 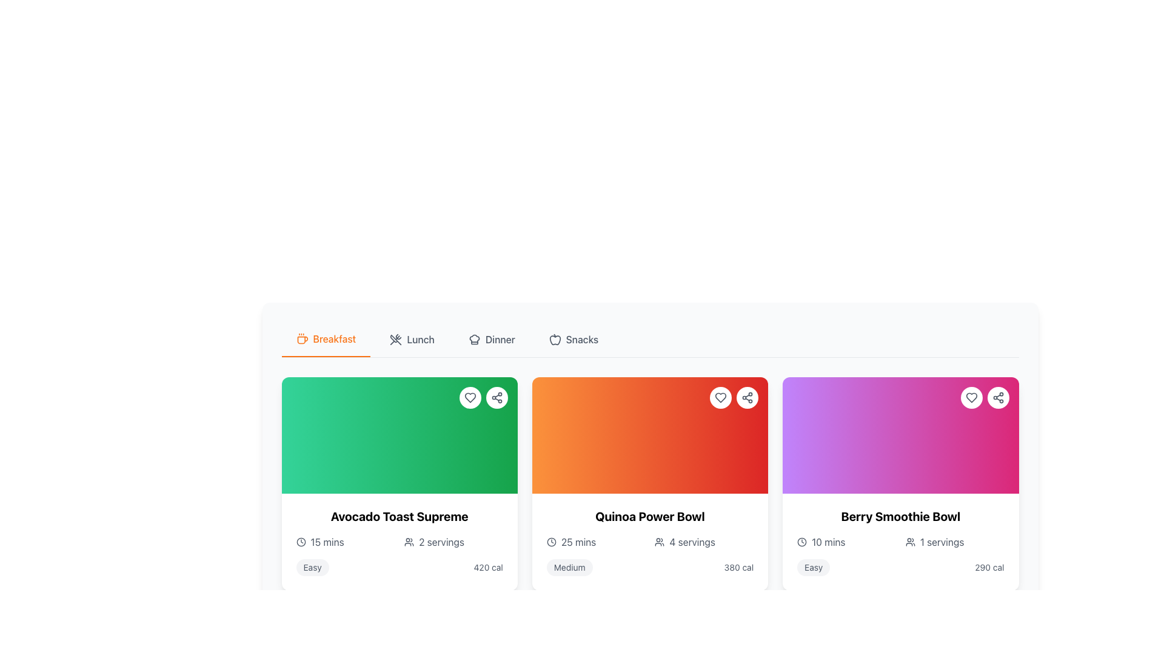 I want to click on the time icon located to the left of the '15 mins' text within the green card titled 'Avocado Toast Supreme.', so click(x=301, y=542).